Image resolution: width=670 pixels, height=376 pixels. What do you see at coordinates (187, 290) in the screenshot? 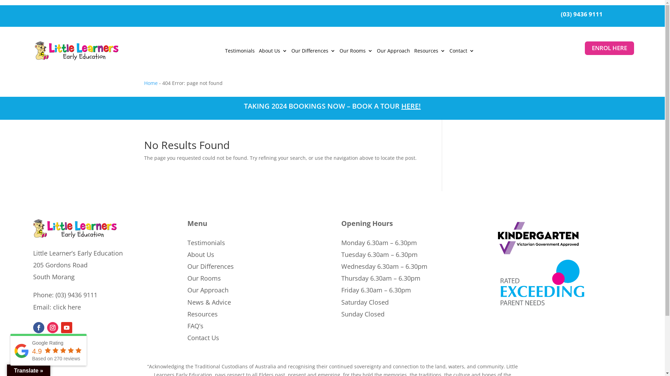
I see `'Our Approach'` at bounding box center [187, 290].